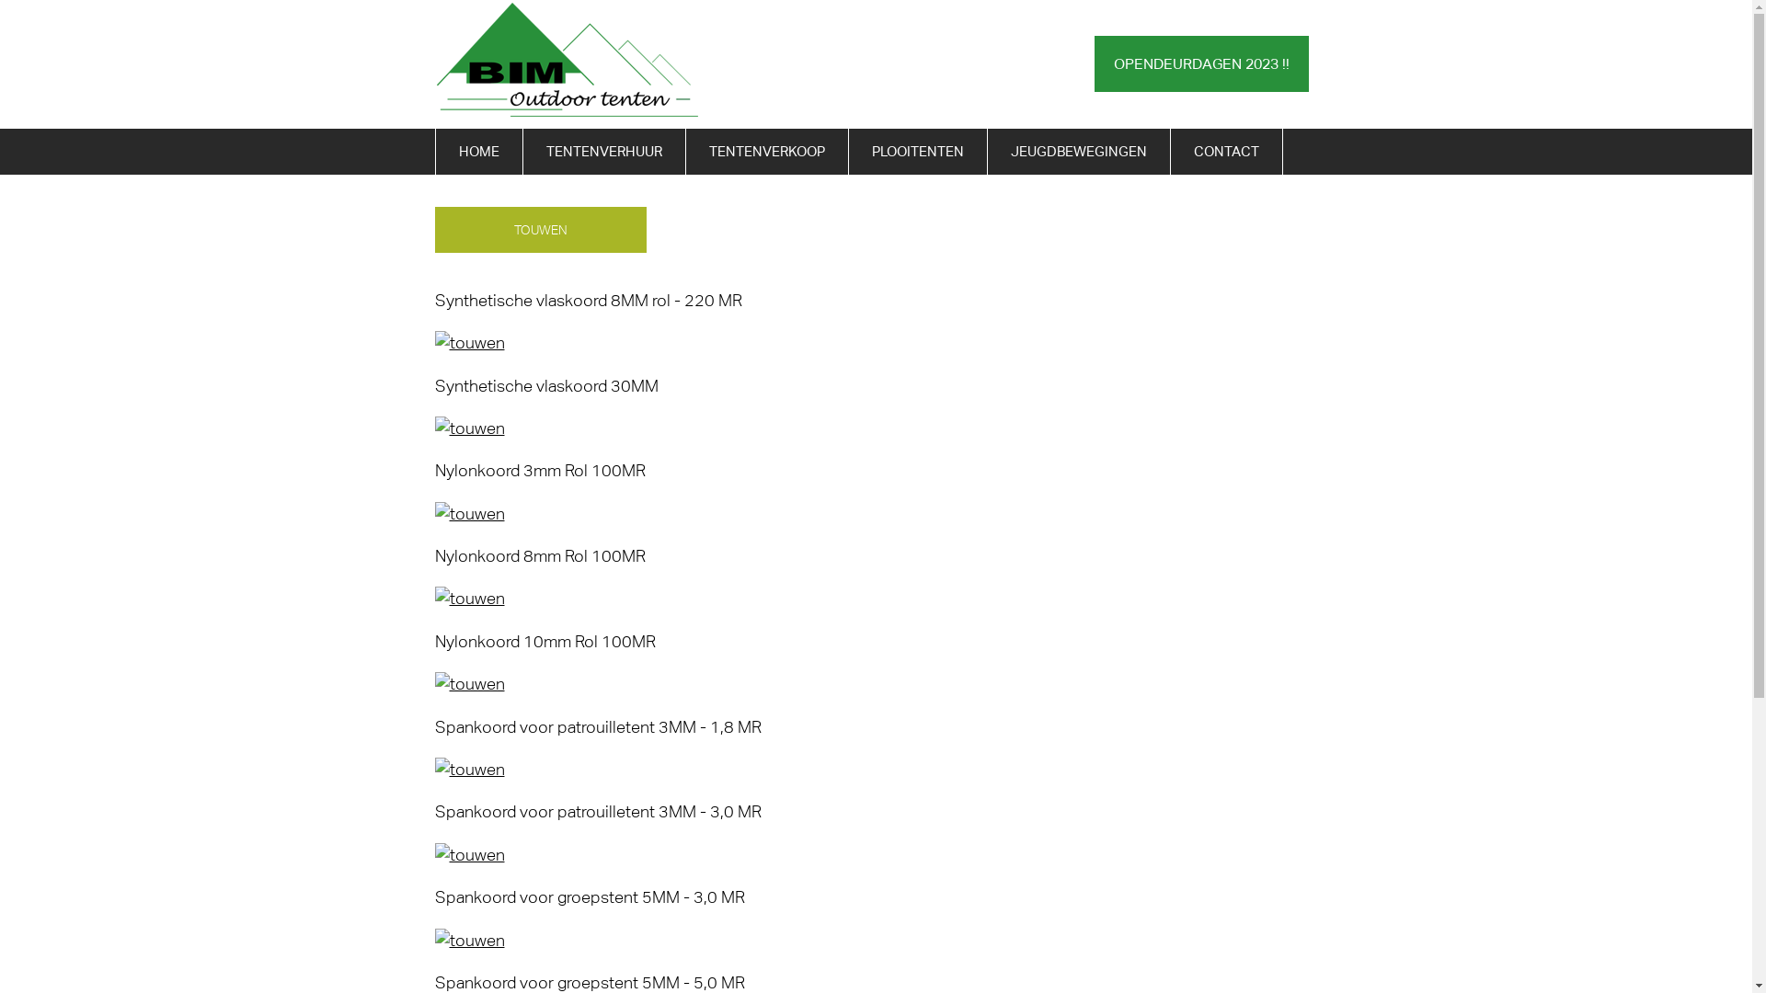 This screenshot has height=993, width=1766. I want to click on 'CONTACT', so click(1225, 151).